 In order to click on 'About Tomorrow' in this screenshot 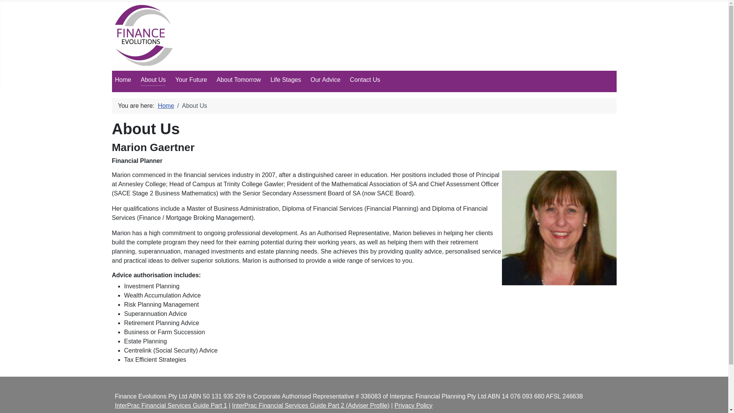, I will do `click(238, 80)`.